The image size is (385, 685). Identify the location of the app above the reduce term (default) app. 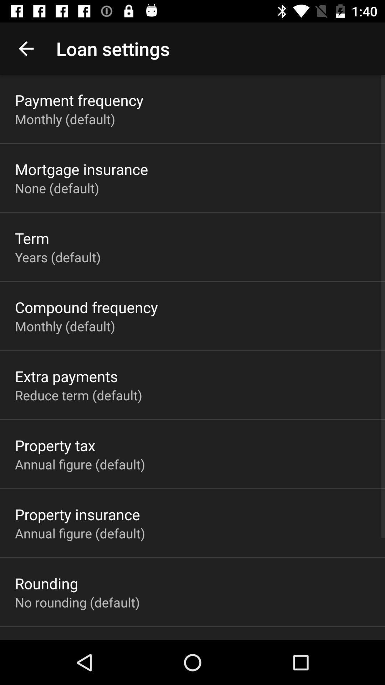
(66, 376).